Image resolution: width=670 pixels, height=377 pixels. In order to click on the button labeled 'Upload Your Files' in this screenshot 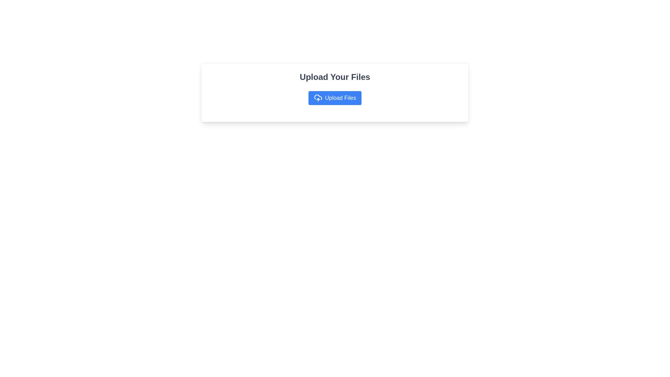, I will do `click(335, 98)`.